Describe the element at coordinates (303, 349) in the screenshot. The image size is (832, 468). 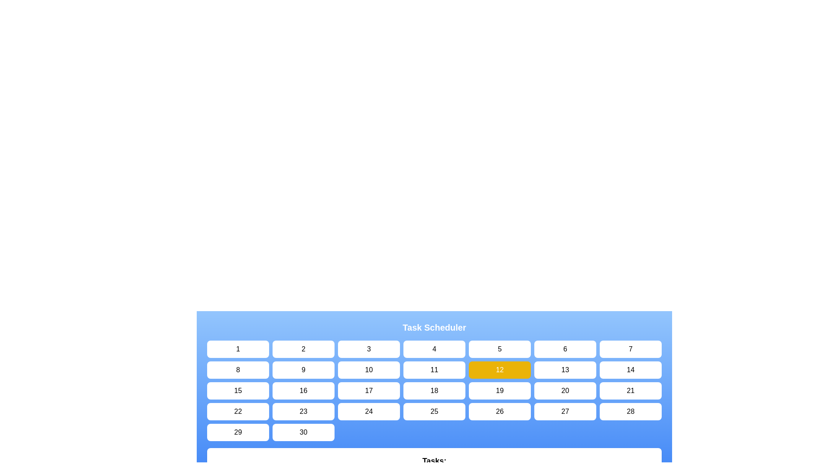
I see `the white rectangular button with rounded corners and a black number '2' centered within it` at that location.